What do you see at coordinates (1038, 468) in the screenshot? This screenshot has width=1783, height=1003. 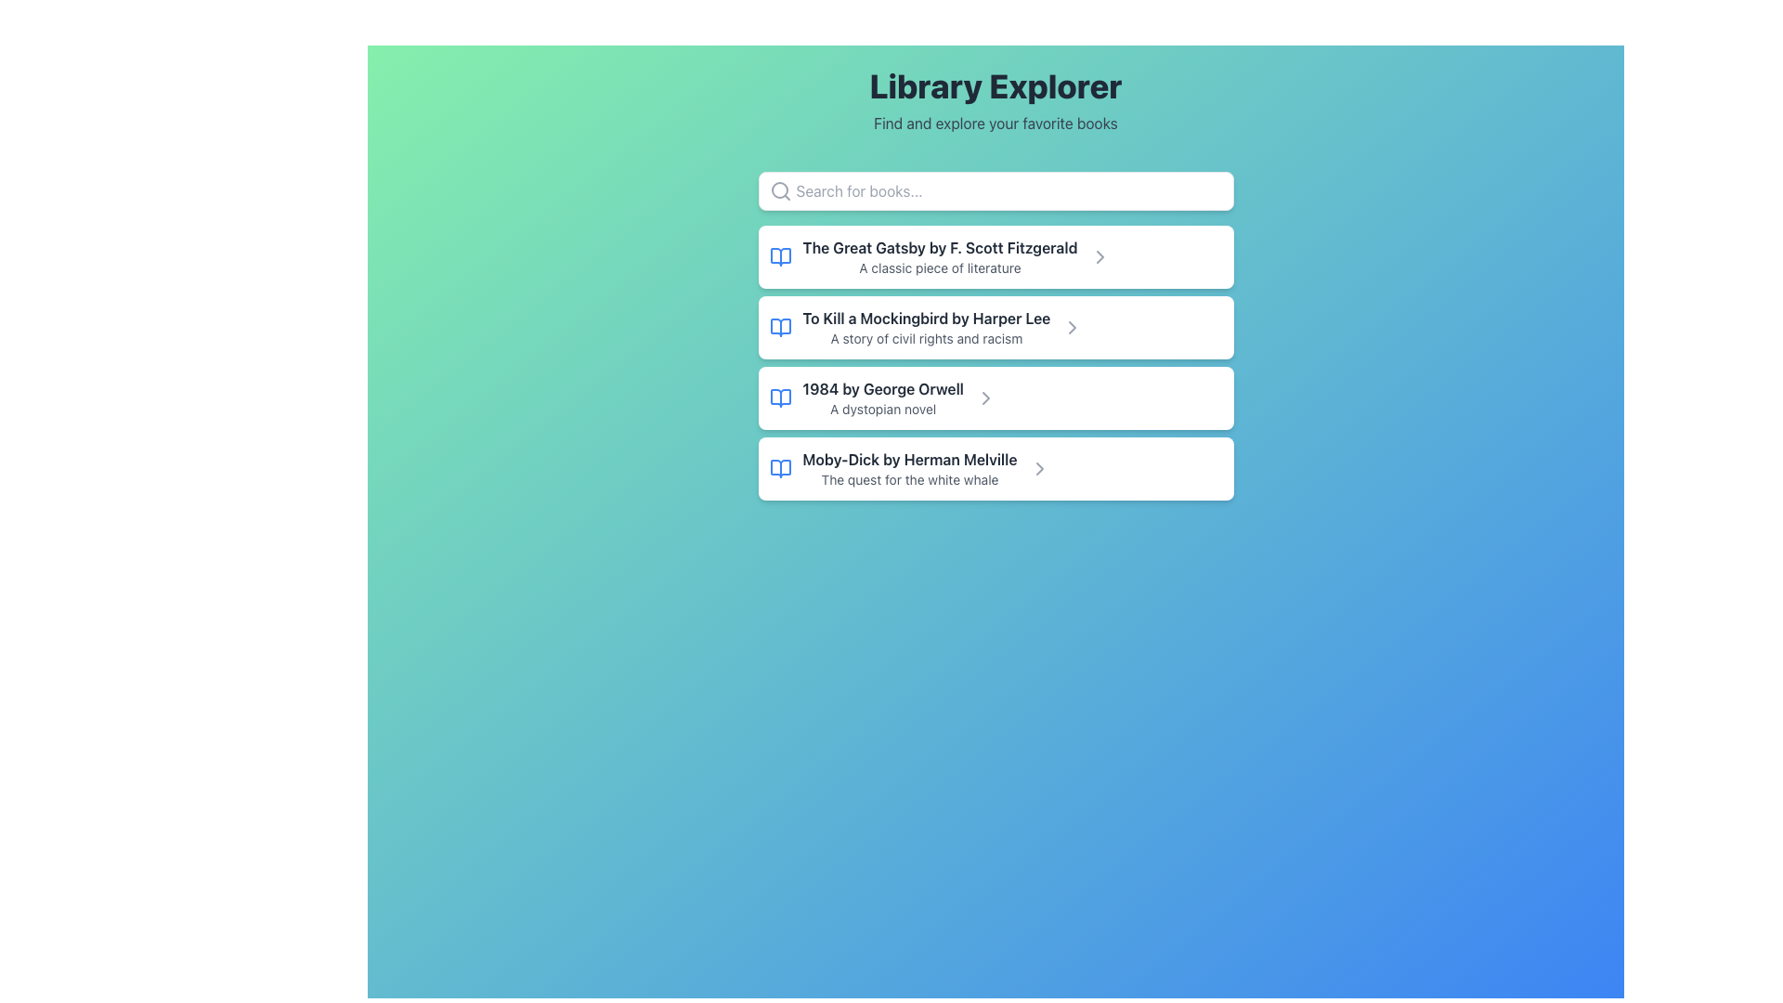 I see `the small right-pointing chevron icon at the far right end of the list item representing 'Moby-Dick by Herman Melville'` at bounding box center [1038, 468].